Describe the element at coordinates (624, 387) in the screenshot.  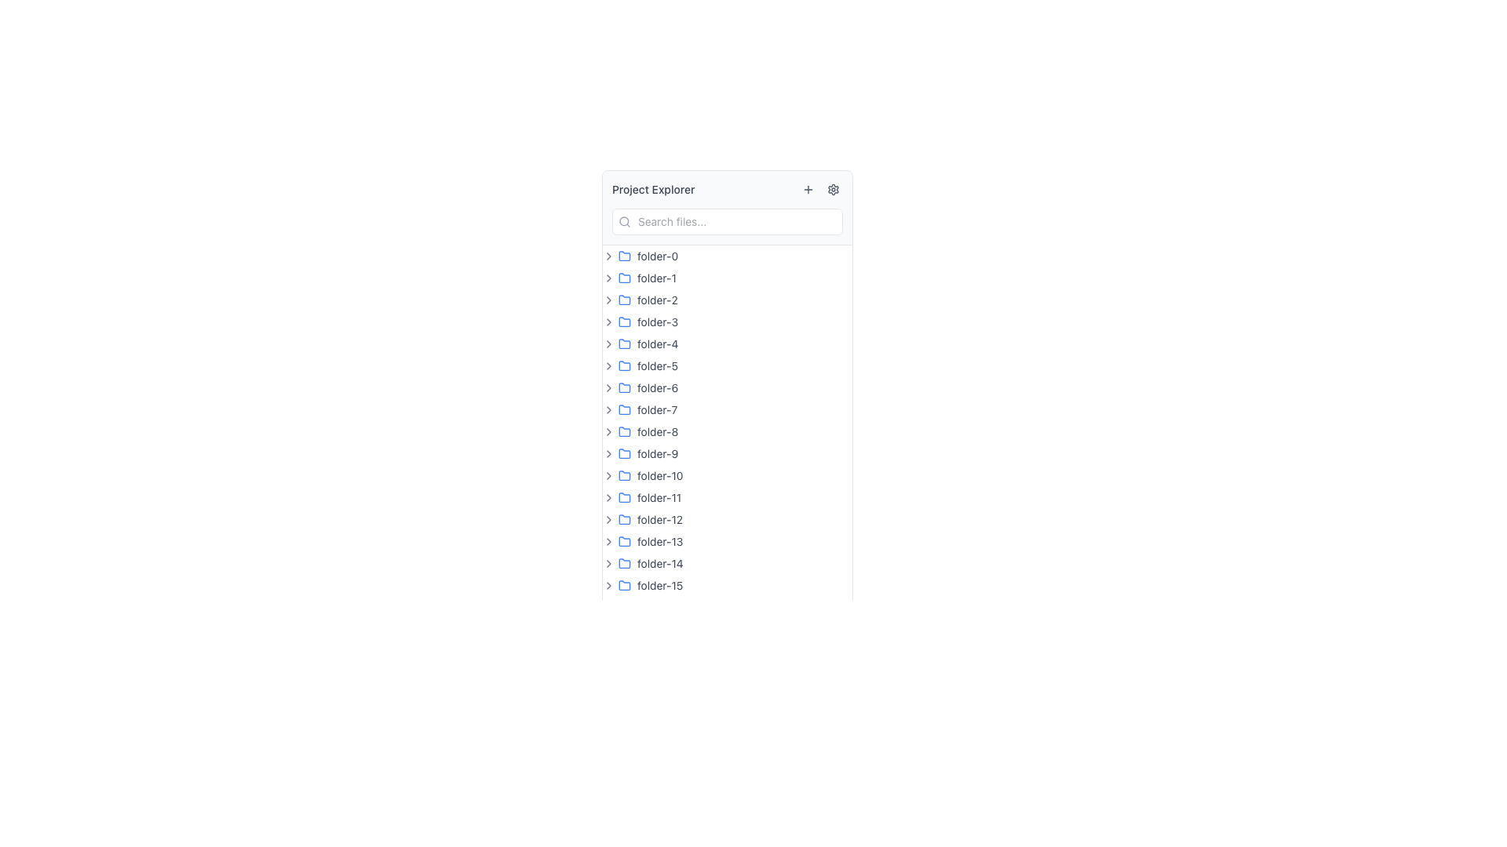
I see `the folder icon associated with the label 'folder-6' in the Project Explorer interface to visually indicate its selection` at that location.